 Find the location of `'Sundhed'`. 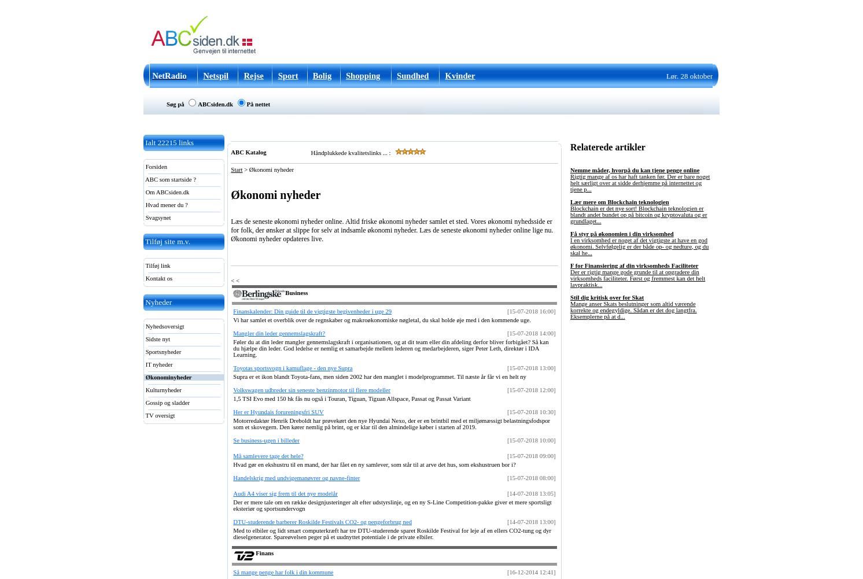

'Sundhed' is located at coordinates (412, 75).